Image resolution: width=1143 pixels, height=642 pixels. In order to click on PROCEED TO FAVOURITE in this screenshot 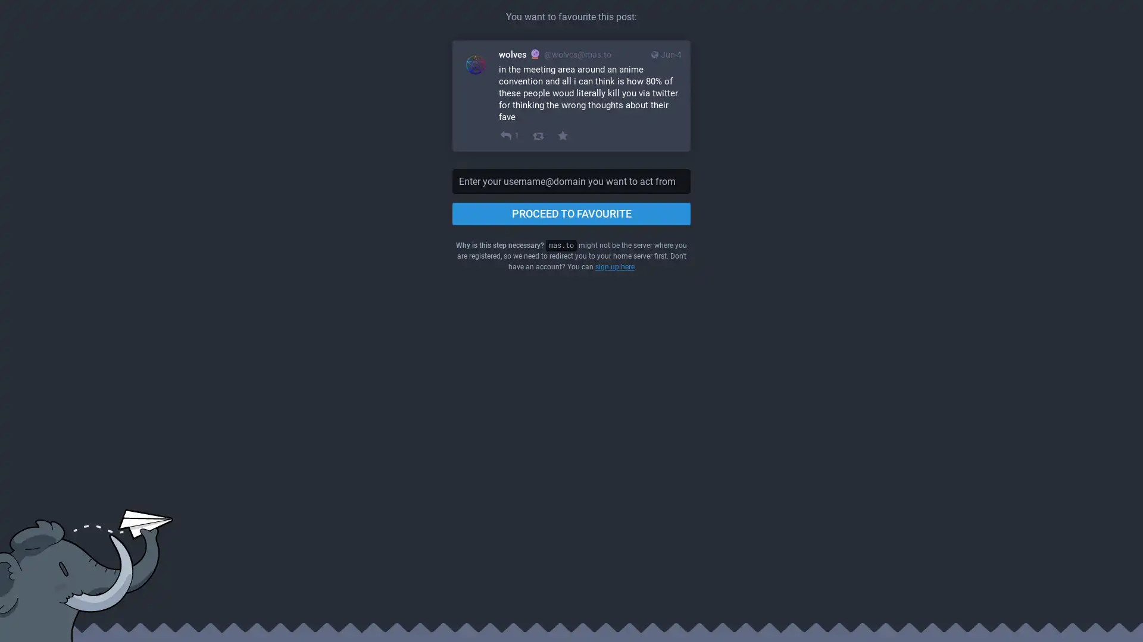, I will do `click(571, 213)`.